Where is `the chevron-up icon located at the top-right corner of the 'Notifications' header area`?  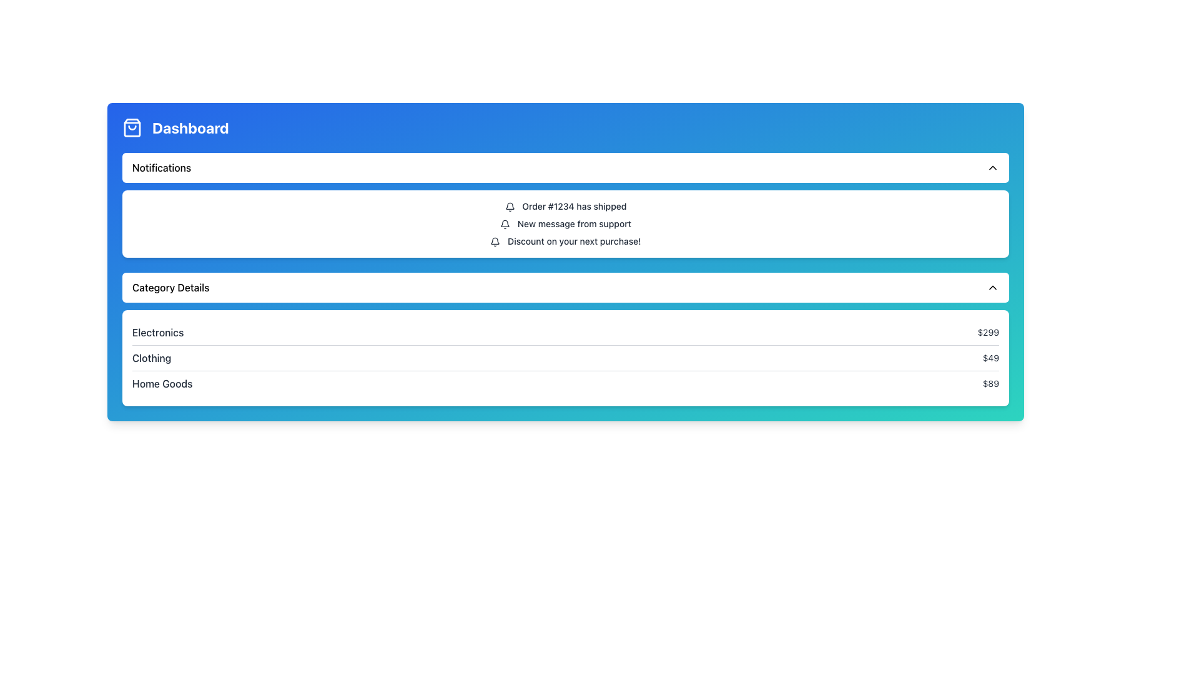
the chevron-up icon located at the top-right corner of the 'Notifications' header area is located at coordinates (992, 167).